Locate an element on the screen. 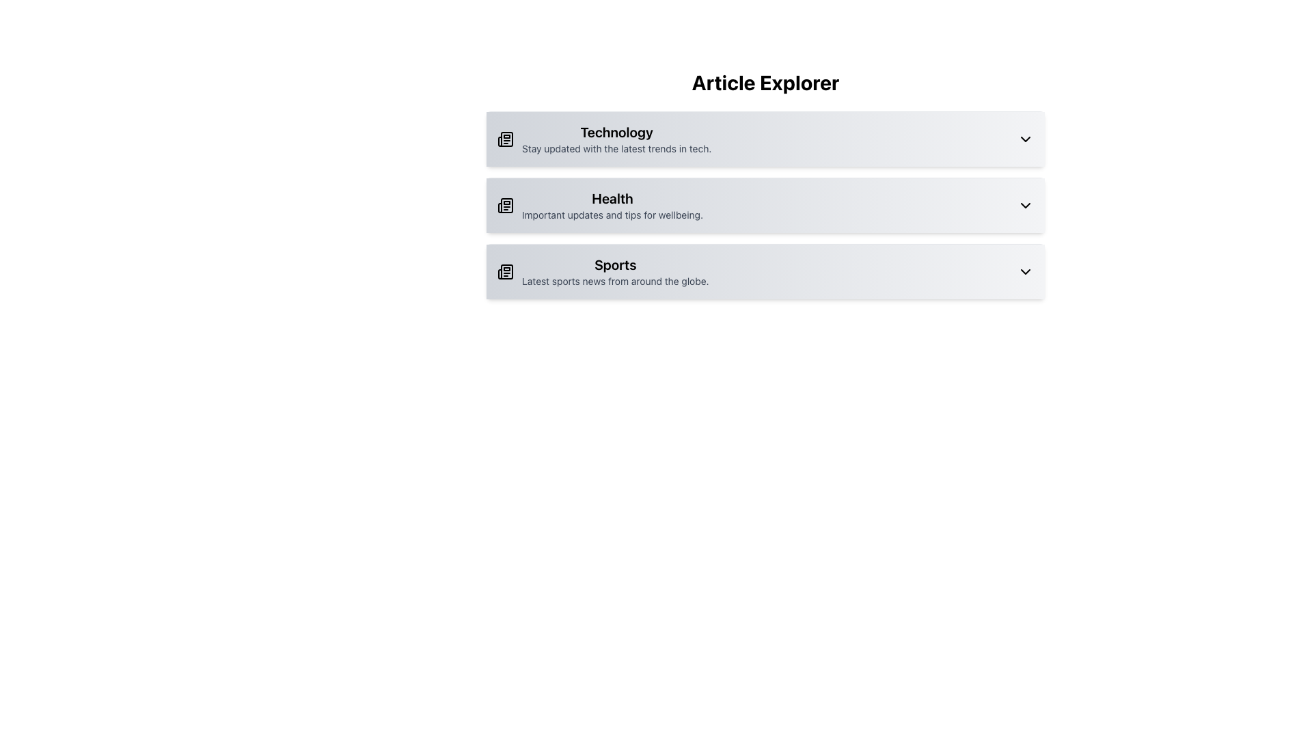 The image size is (1312, 738). the second item in the list, labeled as the Text Block for health and wellbeing updates is located at coordinates (612, 205).